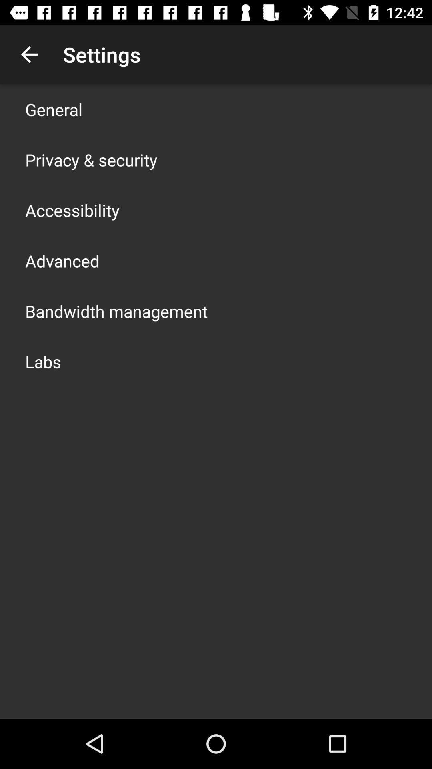 The height and width of the screenshot is (769, 432). I want to click on the advanced app, so click(62, 261).